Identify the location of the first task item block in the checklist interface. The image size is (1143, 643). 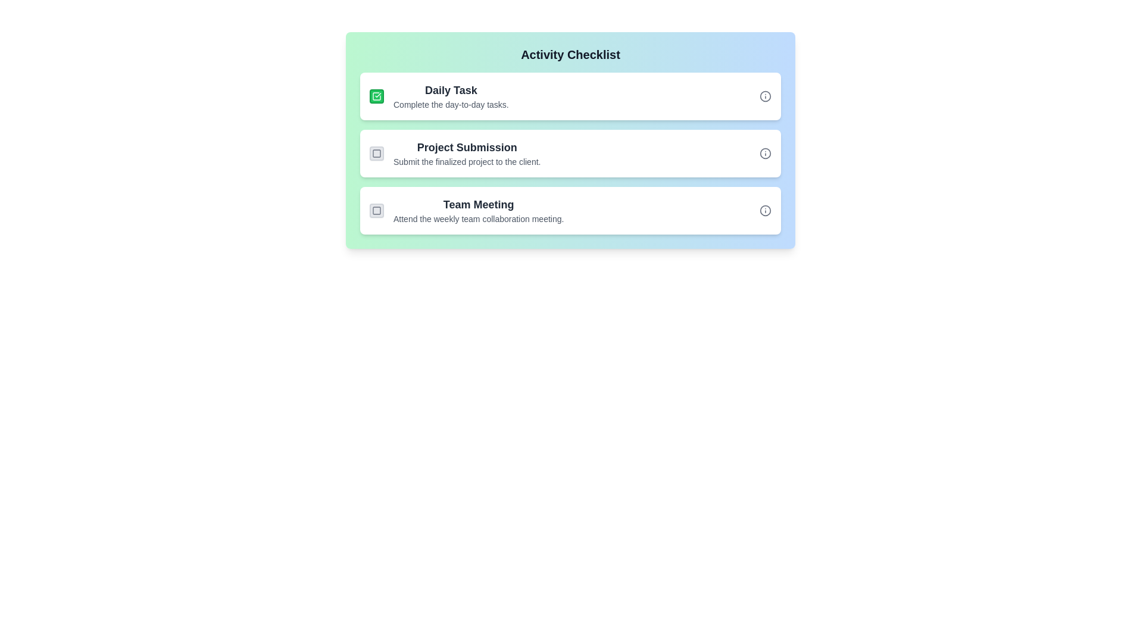
(438, 96).